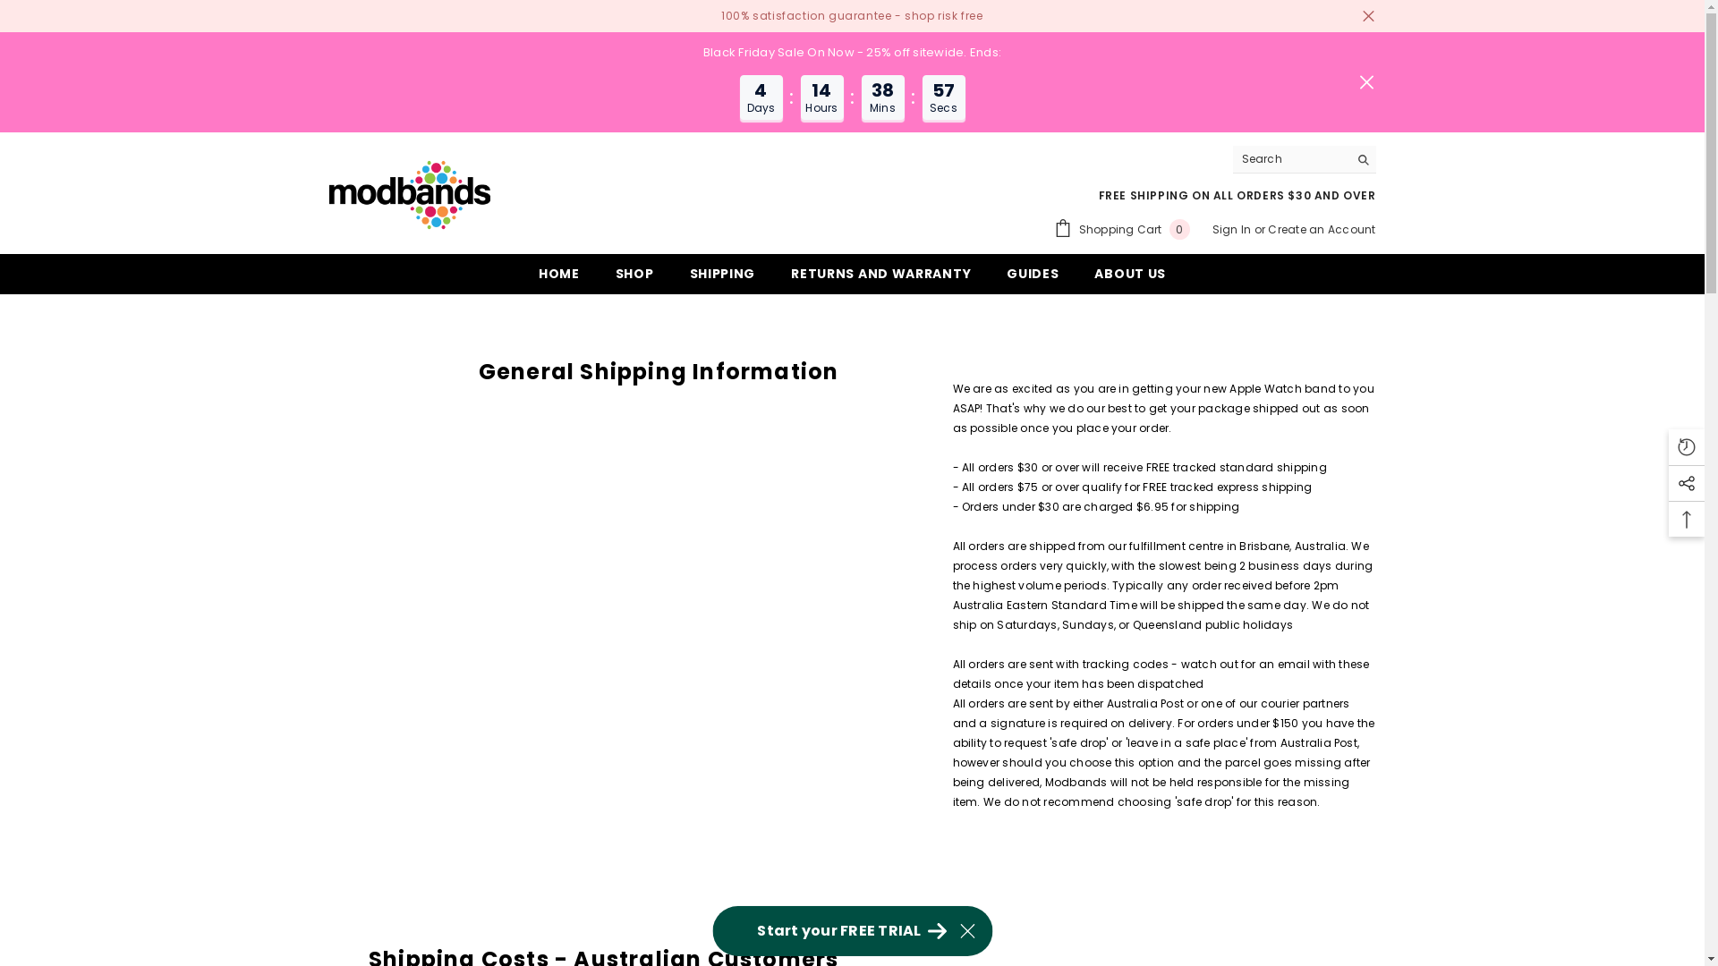  I want to click on 'SHIPPING', so click(670, 279).